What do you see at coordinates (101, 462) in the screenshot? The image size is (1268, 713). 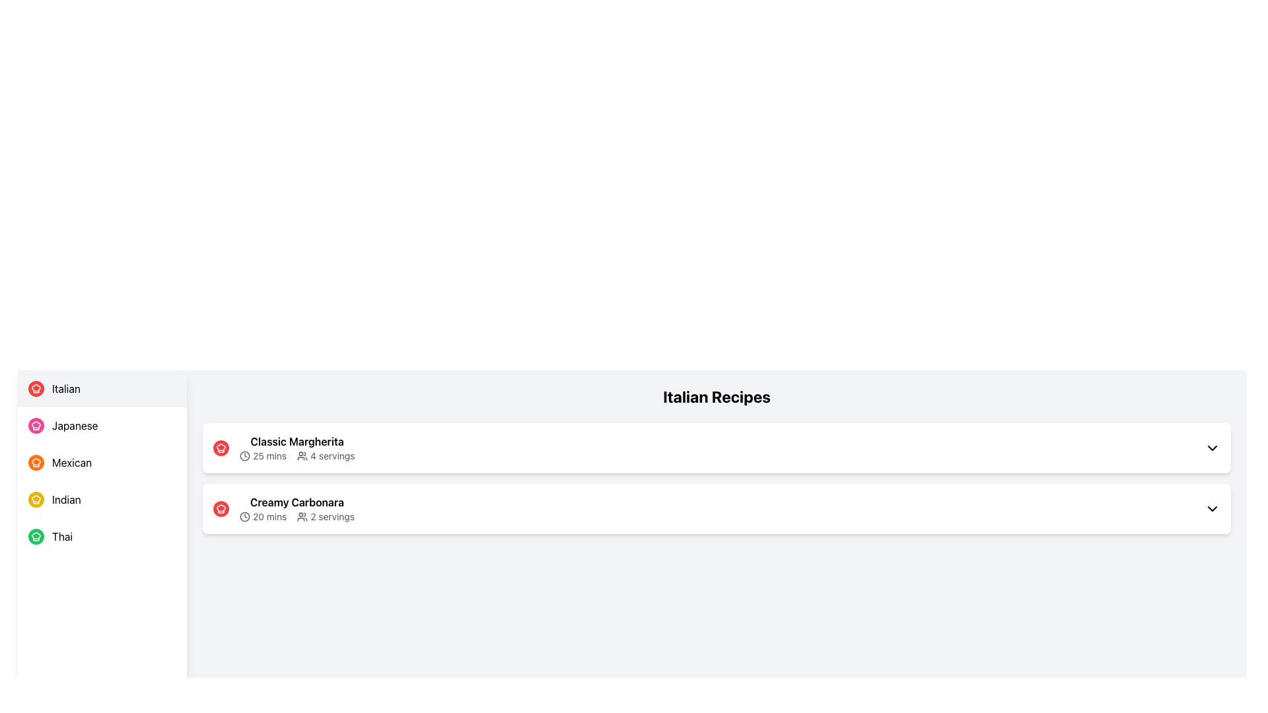 I see `the third clickable item in the vertical list, which filters or navigates to the Mexican cuisine section, located between the 'Japanese' and 'Indian' options in the left sidebar` at bounding box center [101, 462].